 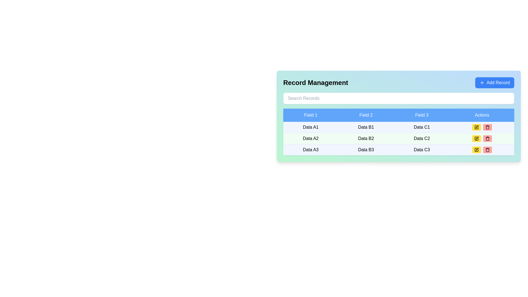 I want to click on the Text Label displaying 'Data C2', located in the third column of the second row of the table within the Record Management section, so click(x=422, y=138).